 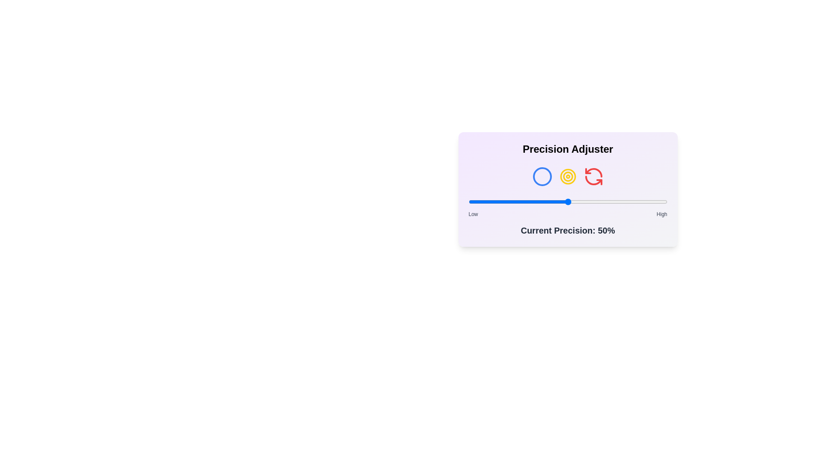 I want to click on the precision slider to 93%, so click(x=653, y=201).